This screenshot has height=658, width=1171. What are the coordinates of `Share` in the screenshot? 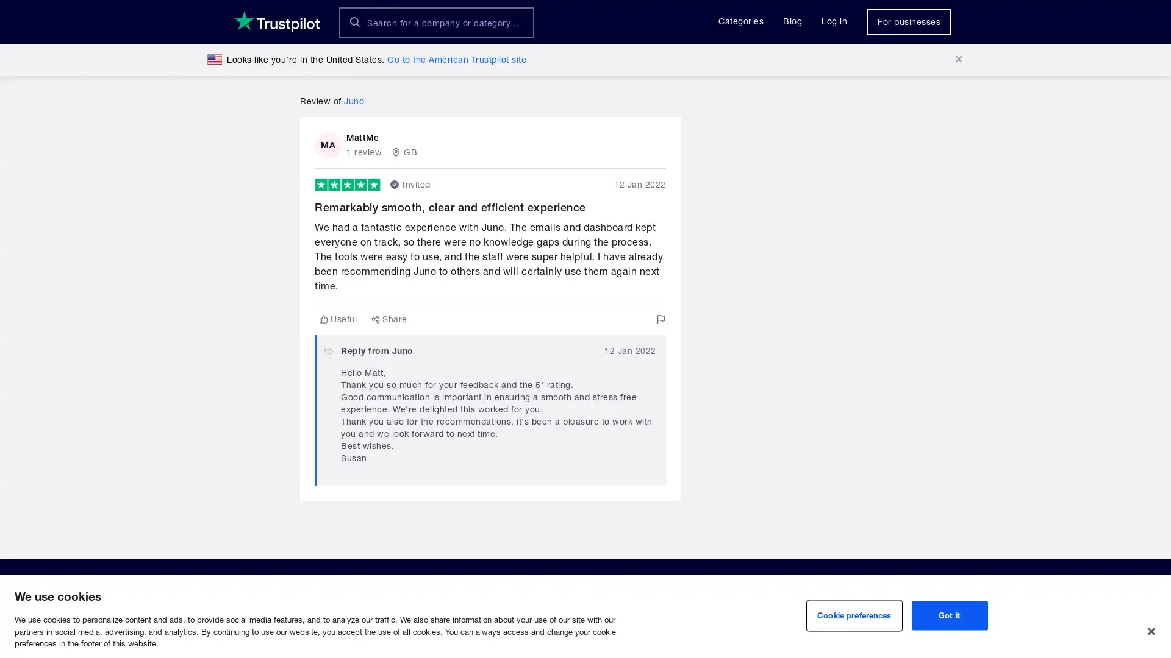 It's located at (389, 319).